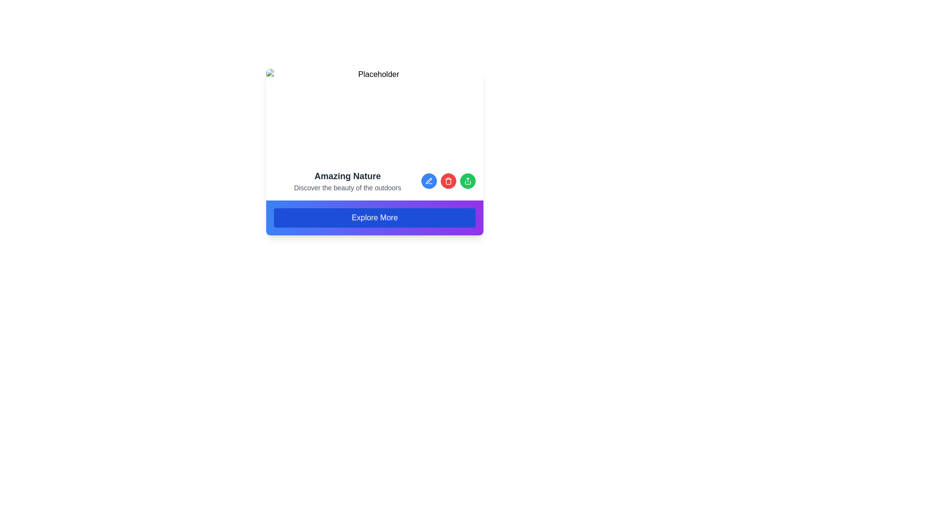 The width and height of the screenshot is (931, 523). What do you see at coordinates (428, 181) in the screenshot?
I see `the first circular Icon Button representing editing or modifying content located at the bottom-right area of the card` at bounding box center [428, 181].